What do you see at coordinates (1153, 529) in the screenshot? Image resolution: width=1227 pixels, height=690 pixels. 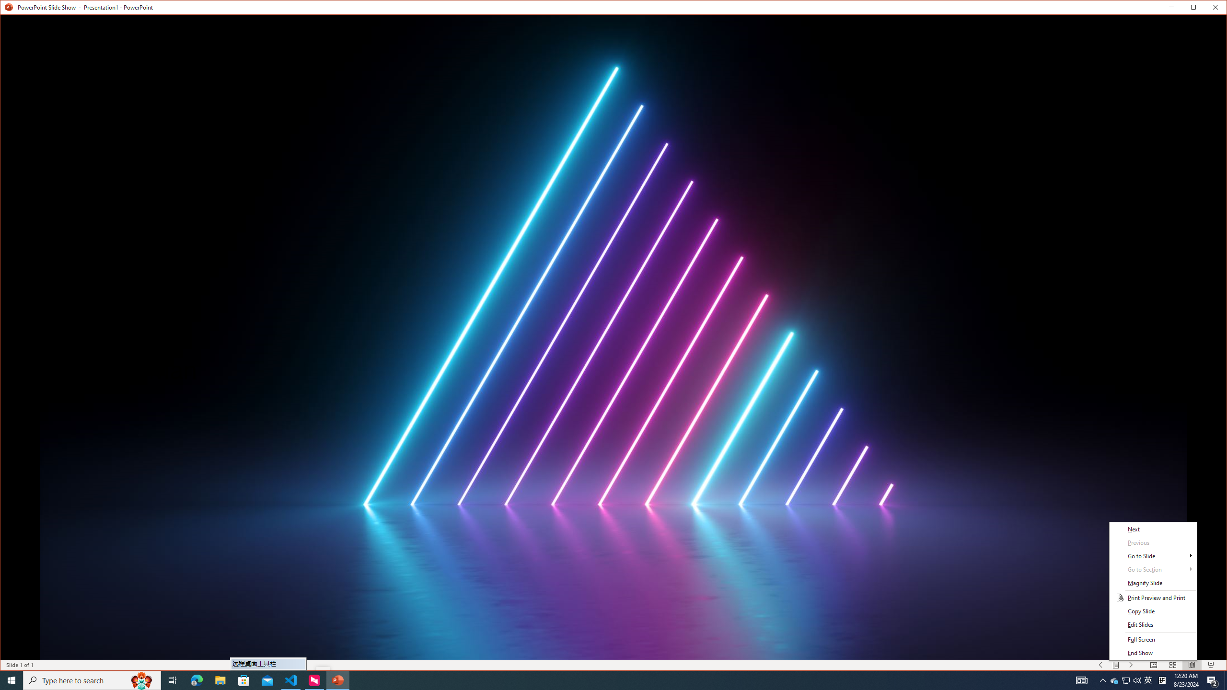 I see `'Next'` at bounding box center [1153, 529].